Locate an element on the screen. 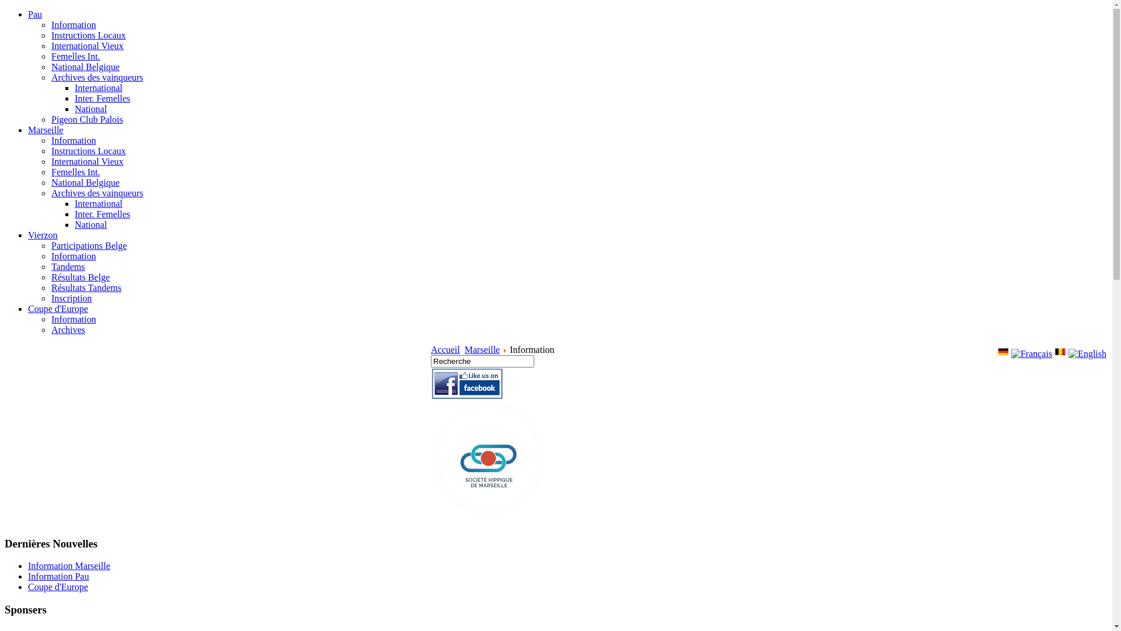 Image resolution: width=1121 pixels, height=631 pixels. 'Nederlands' is located at coordinates (1054, 351).